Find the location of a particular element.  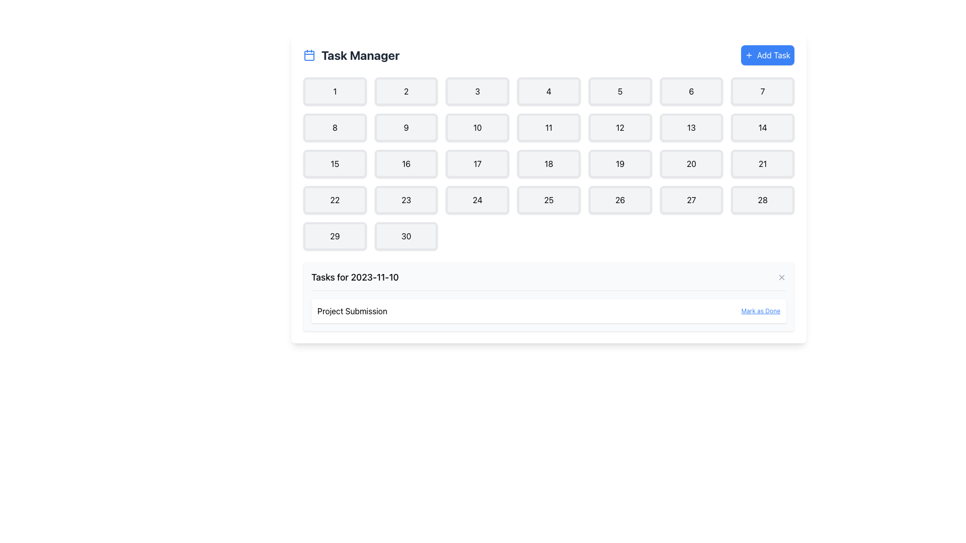

the rectangular button with a light gray background that contains the number '10' centered in black text, located in the second row and third column of the grid is located at coordinates (477, 127).